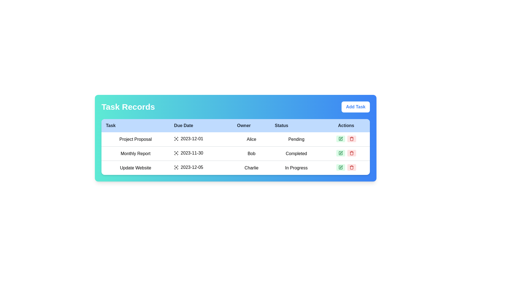 The width and height of the screenshot is (528, 297). Describe the element at coordinates (136, 167) in the screenshot. I see `the static text display component that contains the text 'Update Website' located in the third row of the table under the 'Task' column` at that location.